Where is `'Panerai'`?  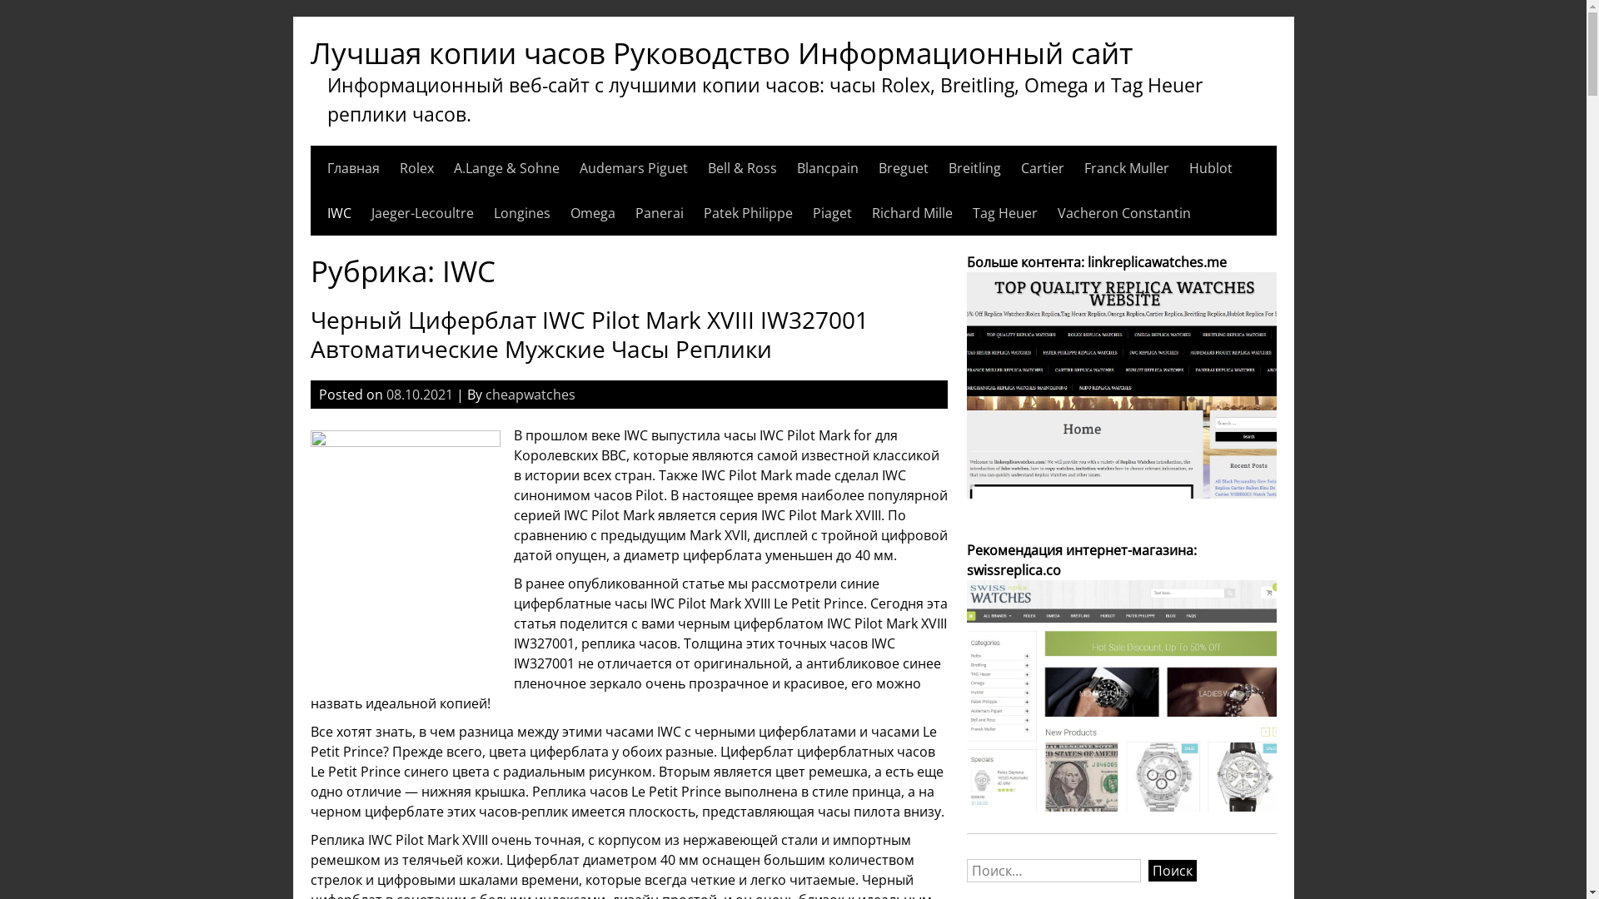 'Panerai' is located at coordinates (658, 211).